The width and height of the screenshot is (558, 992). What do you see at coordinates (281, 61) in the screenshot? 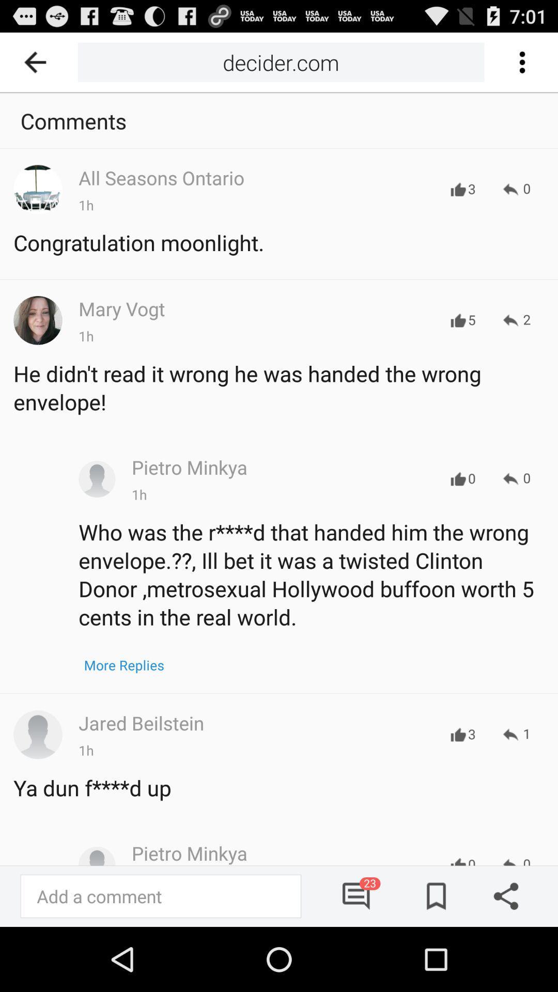
I see `icon next to the   icon` at bounding box center [281, 61].